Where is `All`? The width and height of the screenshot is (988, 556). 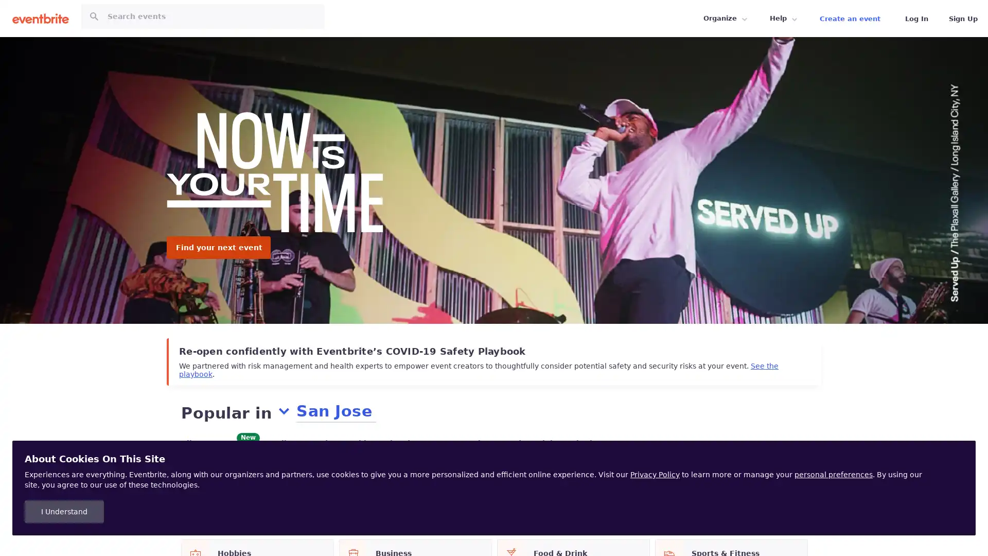
All is located at coordinates (186, 442).